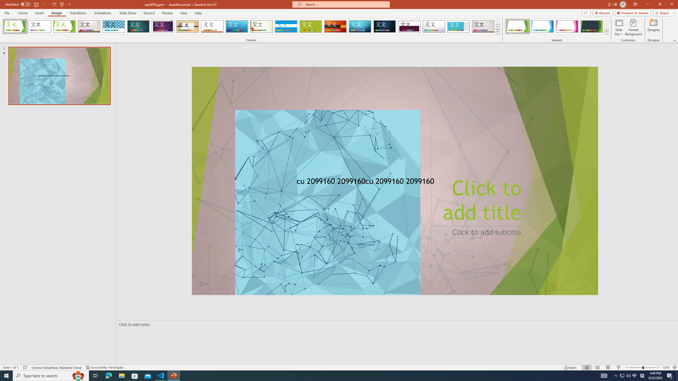 This screenshot has height=381, width=678. I want to click on 'Droplet Loading Preview...', so click(434, 26).